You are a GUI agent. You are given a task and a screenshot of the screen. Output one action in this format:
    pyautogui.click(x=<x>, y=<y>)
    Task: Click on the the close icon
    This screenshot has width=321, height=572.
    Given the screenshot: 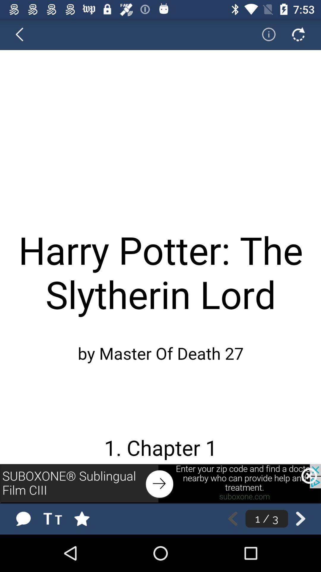 What is the action you would take?
    pyautogui.click(x=309, y=475)
    